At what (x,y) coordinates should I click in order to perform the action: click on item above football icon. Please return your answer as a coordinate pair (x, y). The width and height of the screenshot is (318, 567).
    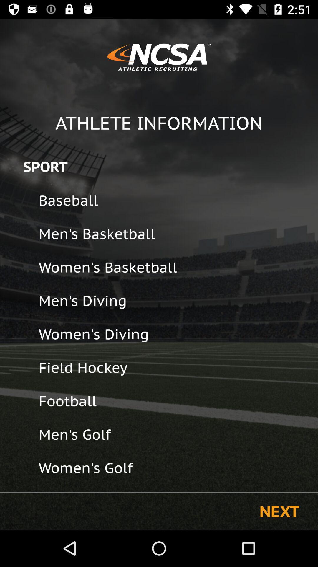
    Looking at the image, I should click on (174, 367).